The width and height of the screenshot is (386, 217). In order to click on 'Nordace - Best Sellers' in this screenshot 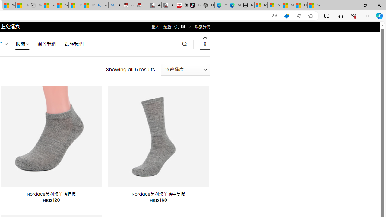, I will do `click(208, 5)`.